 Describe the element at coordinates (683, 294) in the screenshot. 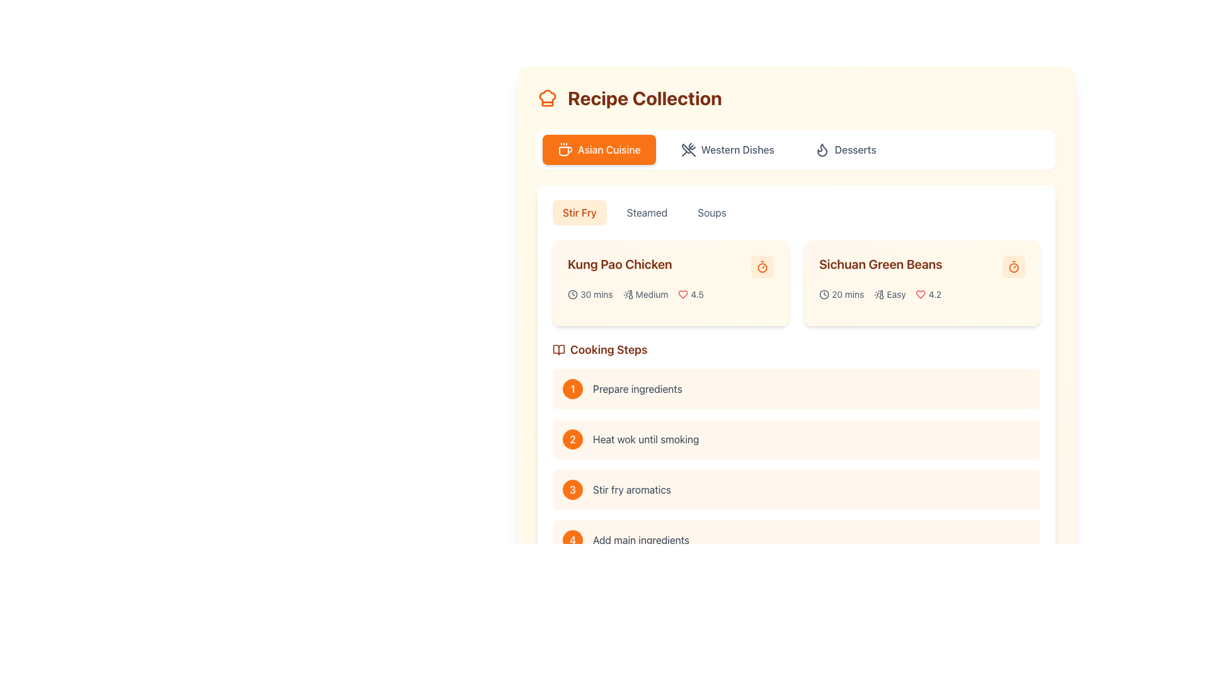

I see `the red outlined heart icon filled with white associated with the rating system for 'Kung Pao Chicken' to interact with the rating feature` at that location.